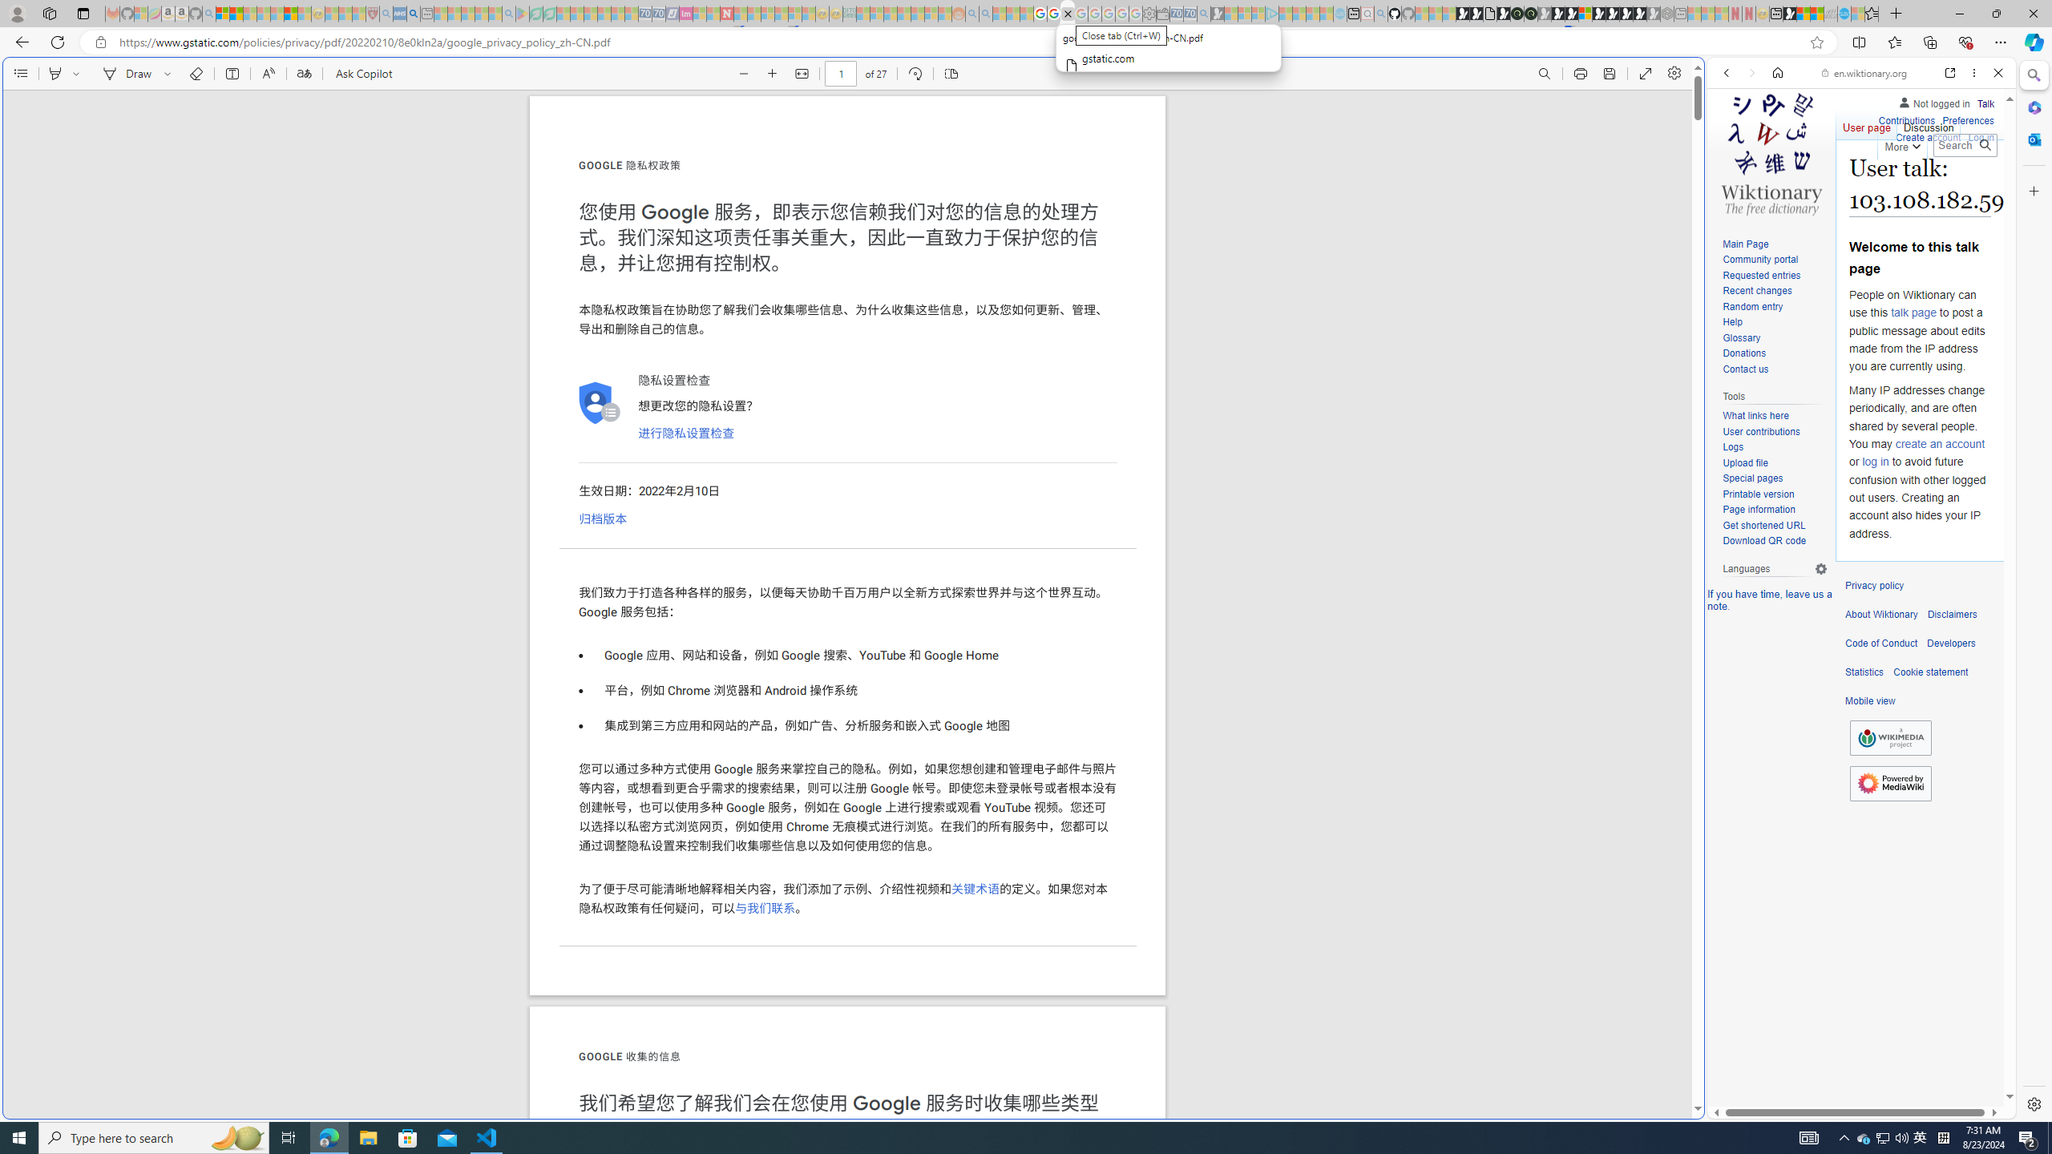 The width and height of the screenshot is (2052, 1154). Describe the element at coordinates (1733, 144) in the screenshot. I see `'Web scope'` at that location.